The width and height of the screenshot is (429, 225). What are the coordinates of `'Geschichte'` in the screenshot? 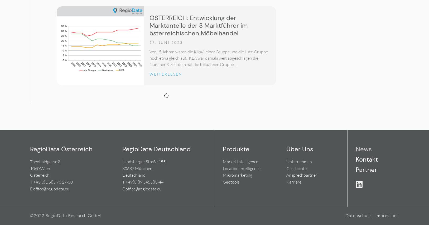 It's located at (296, 168).